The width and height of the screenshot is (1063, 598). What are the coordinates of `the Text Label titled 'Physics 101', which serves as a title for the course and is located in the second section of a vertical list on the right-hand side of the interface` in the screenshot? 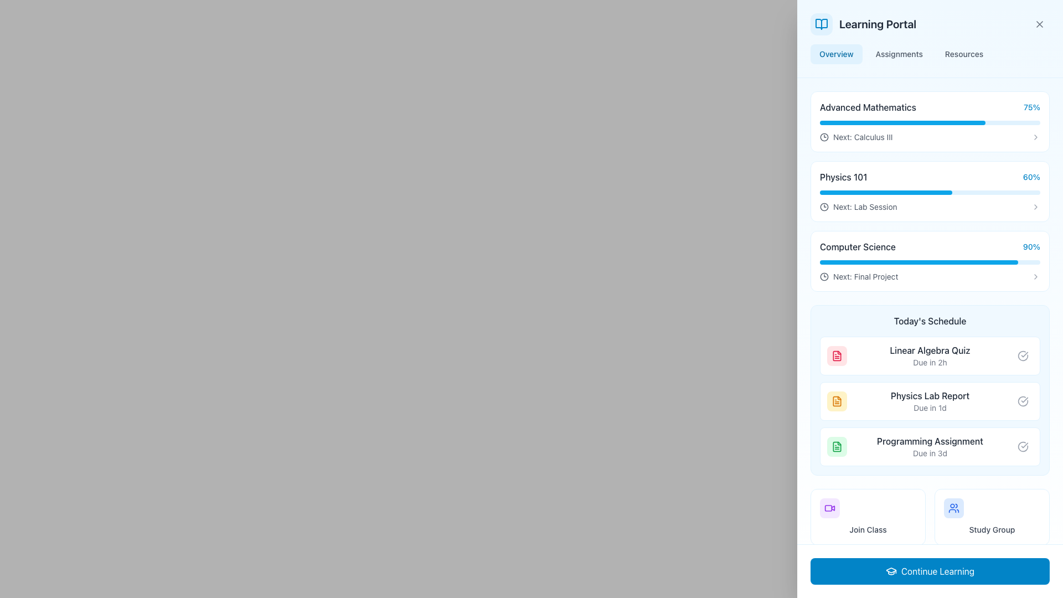 It's located at (843, 177).